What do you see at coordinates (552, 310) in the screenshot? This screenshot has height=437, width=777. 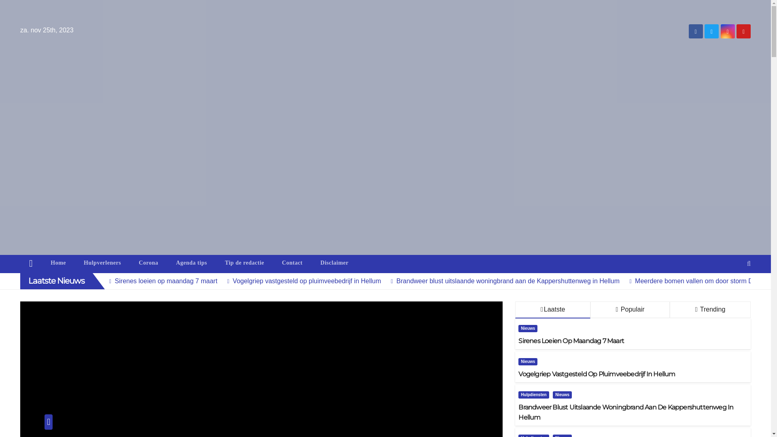 I see `'Laatste'` at bounding box center [552, 310].